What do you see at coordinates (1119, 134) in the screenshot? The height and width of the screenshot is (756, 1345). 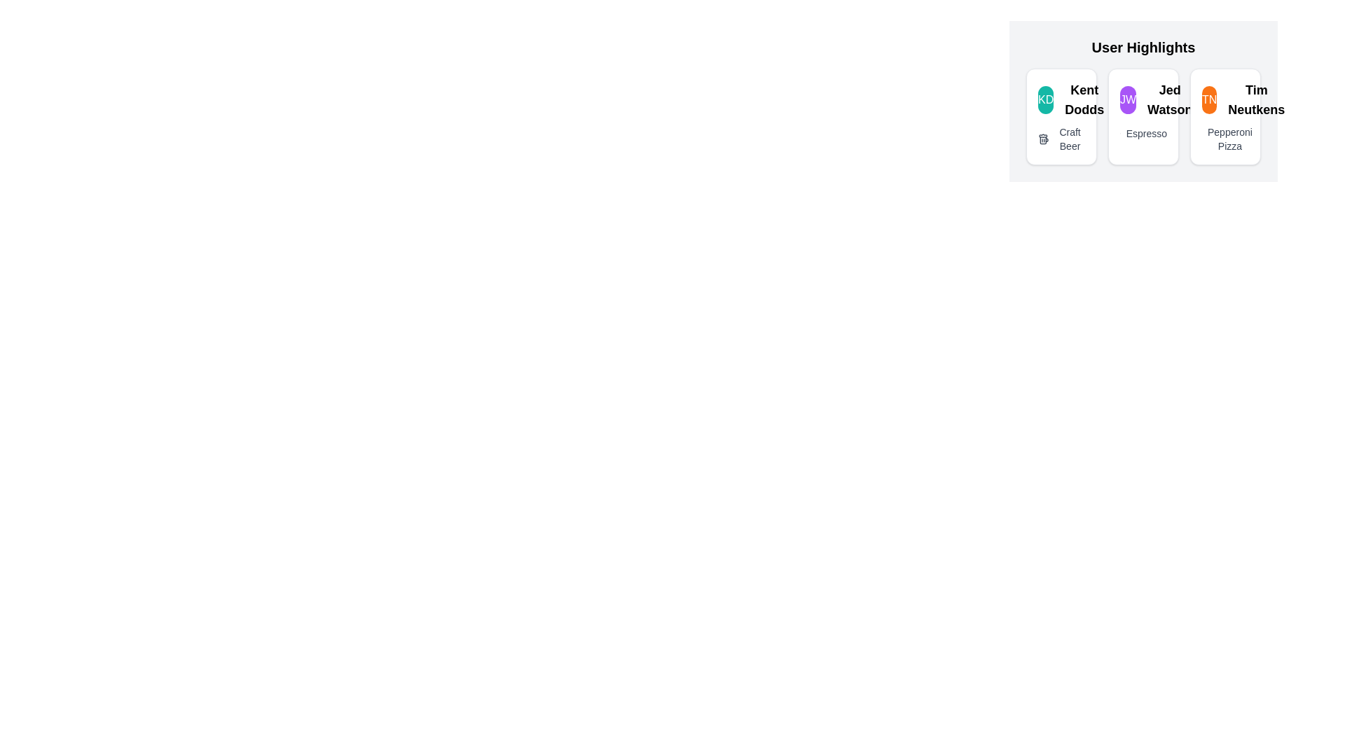 I see `the small coffee cup icon located to the left of the text 'Espresso' in the middle section of the second card in a list of three cards` at bounding box center [1119, 134].